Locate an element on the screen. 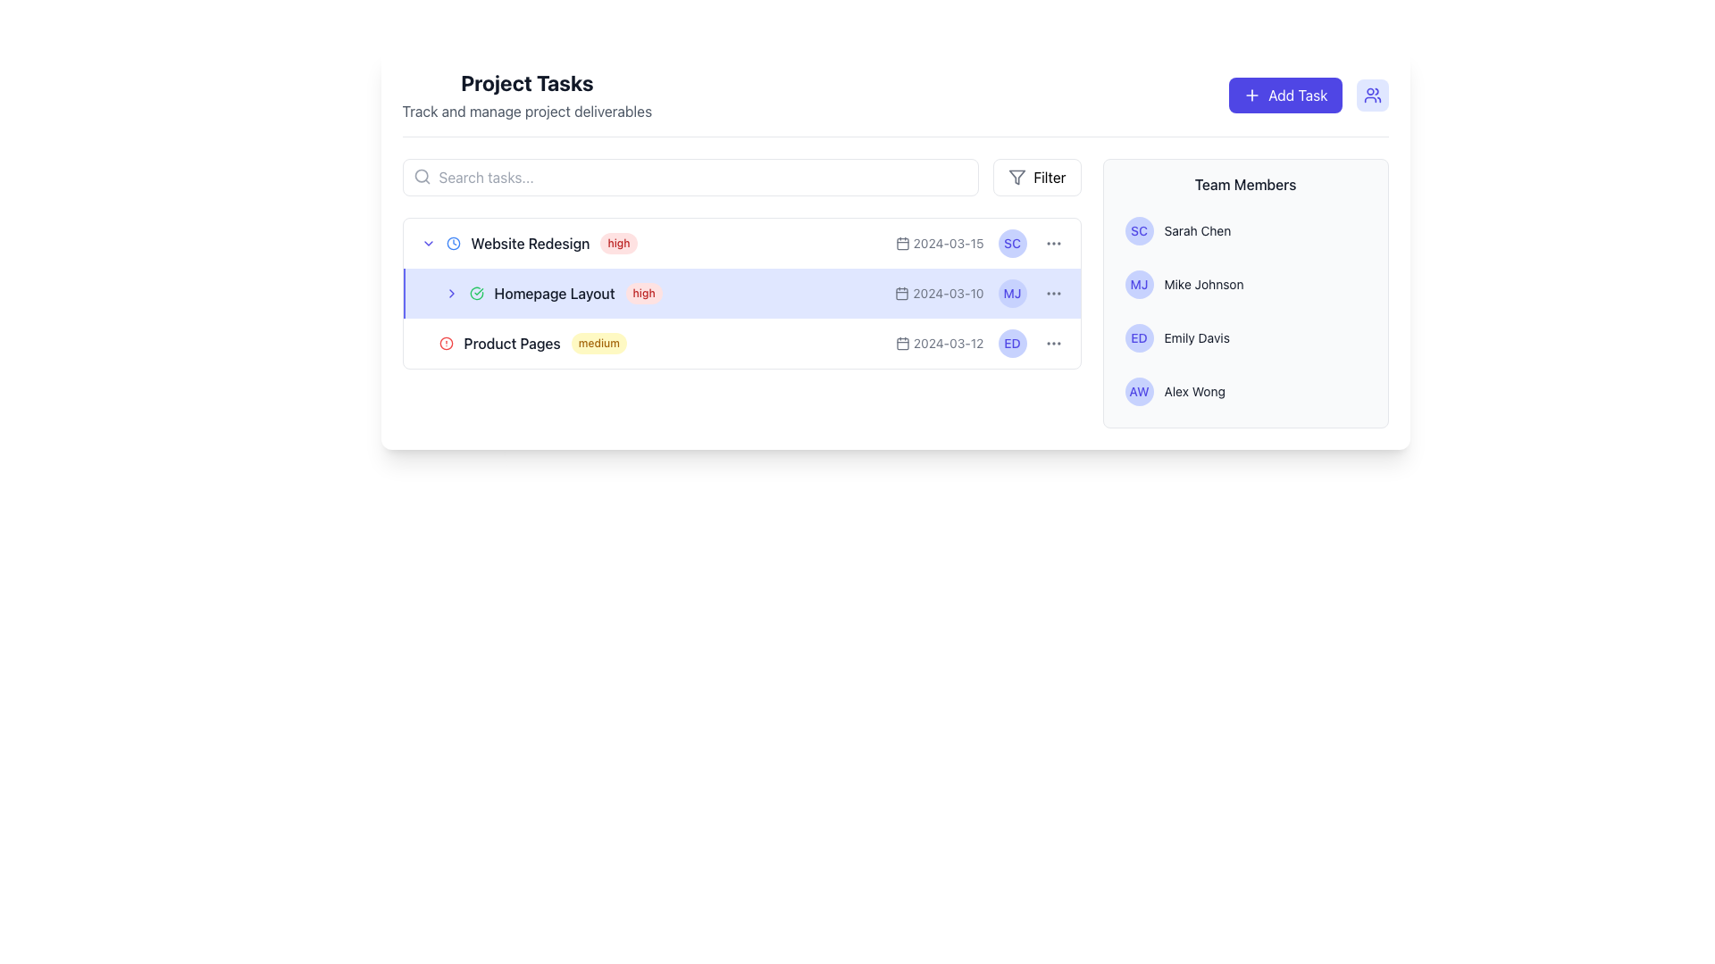  badge labeled 'high' that indicates the priority for the task 'Homepage Layout', located to the right of the task name in the Project Tasks list is located at coordinates (643, 292).